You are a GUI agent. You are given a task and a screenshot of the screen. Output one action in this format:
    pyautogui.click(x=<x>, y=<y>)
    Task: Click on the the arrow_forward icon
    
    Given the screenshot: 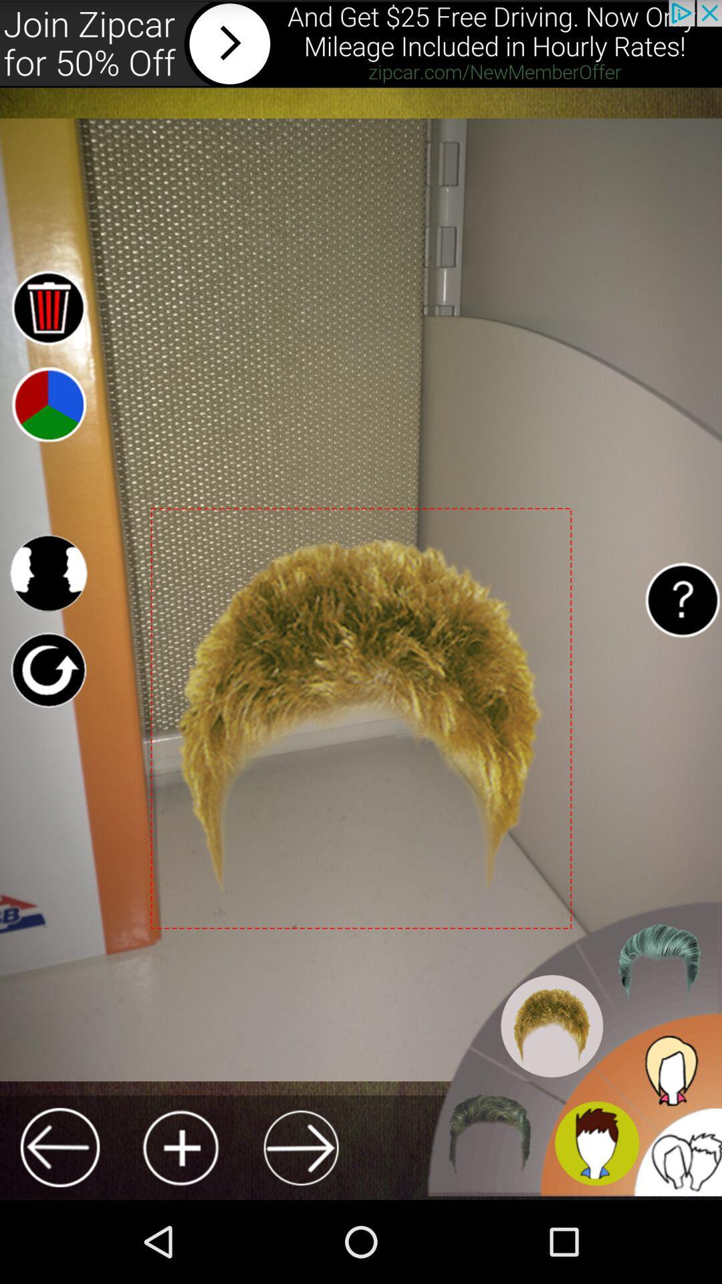 What is the action you would take?
    pyautogui.click(x=301, y=1228)
    